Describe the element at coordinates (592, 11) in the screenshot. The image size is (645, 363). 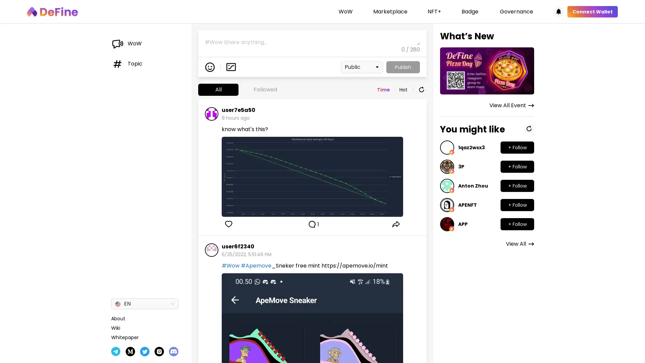
I see `Connect Wallet` at that location.